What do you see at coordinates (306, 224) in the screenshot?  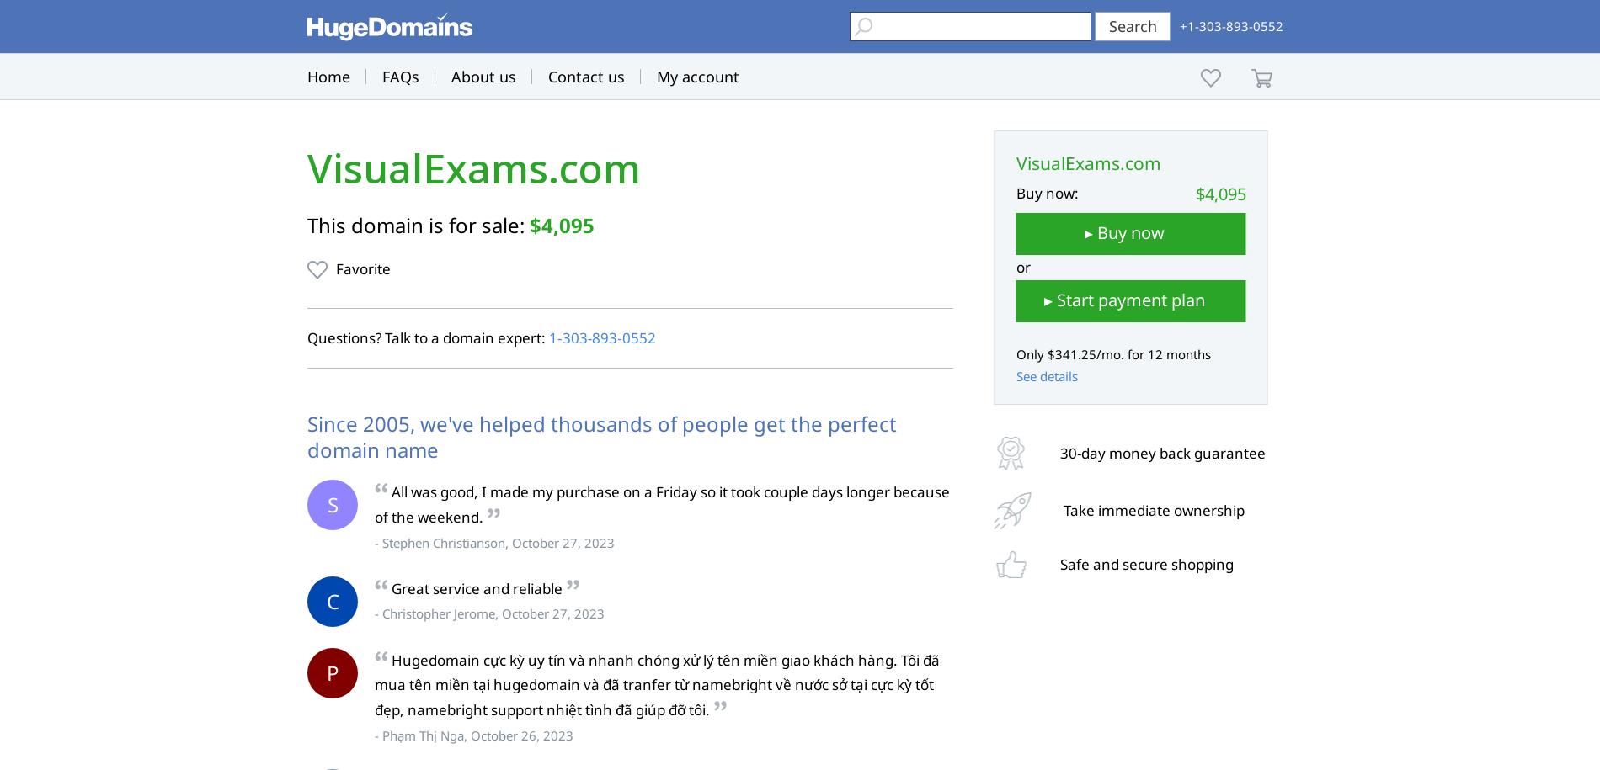 I see `'This domain is for sale:'` at bounding box center [306, 224].